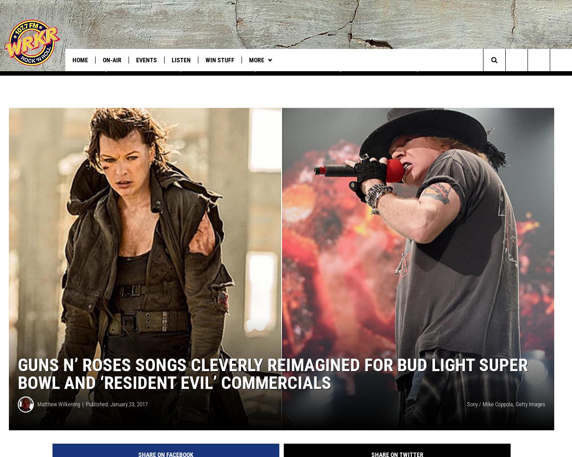 Image resolution: width=572 pixels, height=457 pixels. I want to click on 'Matthew Wilkening', so click(58, 414).